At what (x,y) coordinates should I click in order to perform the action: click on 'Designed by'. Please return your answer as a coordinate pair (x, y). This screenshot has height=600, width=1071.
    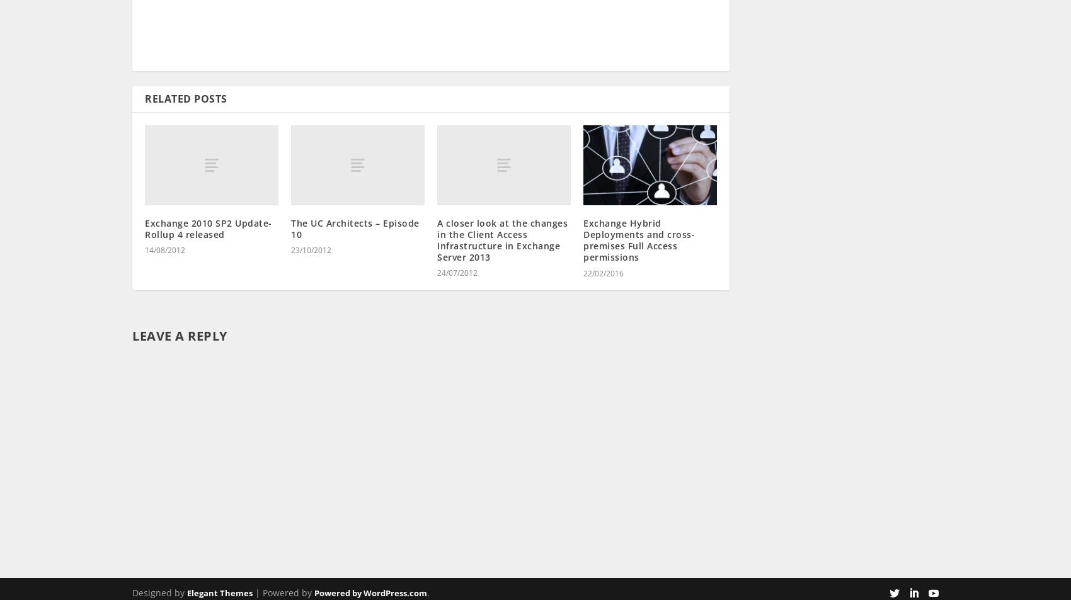
    Looking at the image, I should click on (159, 569).